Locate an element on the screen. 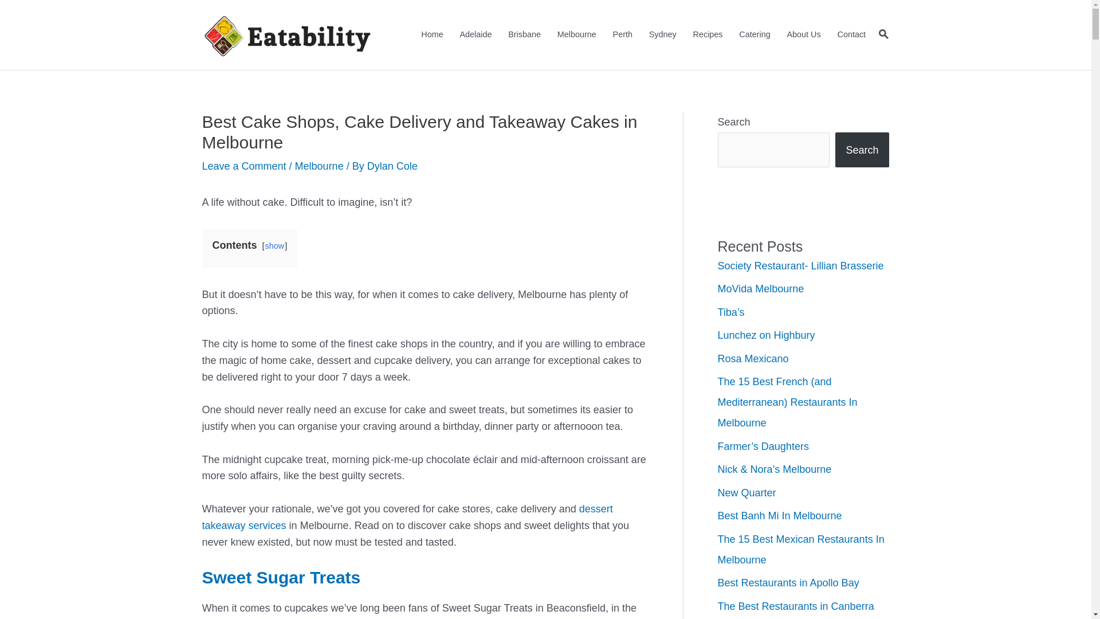 This screenshot has width=1100, height=619. 'Catering' is located at coordinates (755, 34).